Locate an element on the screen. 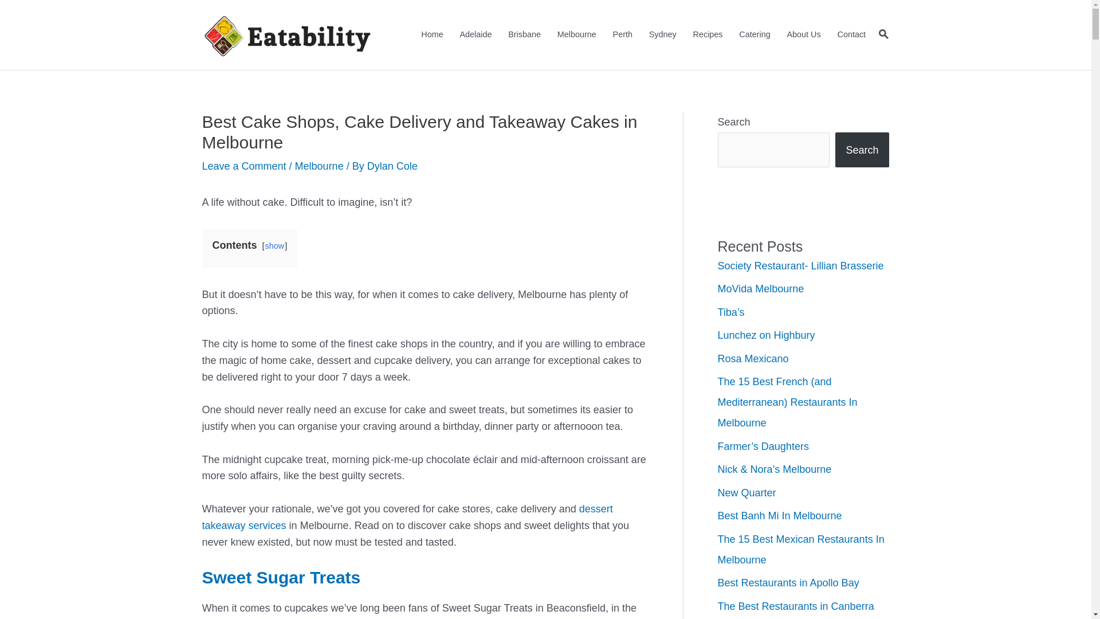 This screenshot has width=1100, height=619. 'Catering' is located at coordinates (755, 34).